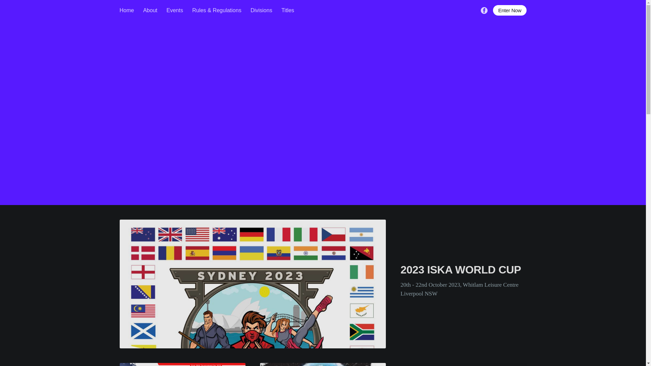 This screenshot has width=651, height=366. I want to click on 'Events', so click(175, 10).